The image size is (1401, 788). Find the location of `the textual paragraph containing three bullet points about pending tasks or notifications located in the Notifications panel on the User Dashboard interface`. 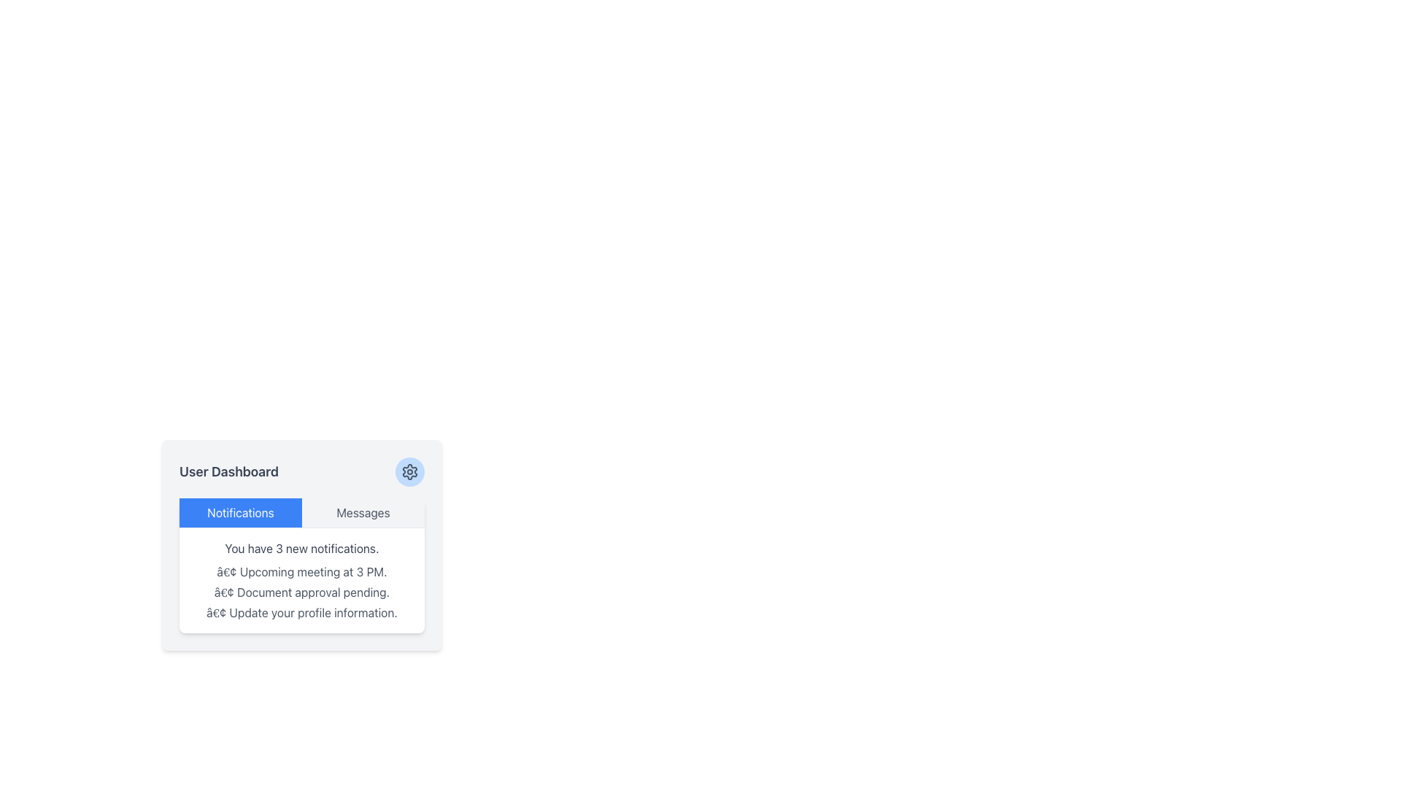

the textual paragraph containing three bullet points about pending tasks or notifications located in the Notifications panel on the User Dashboard interface is located at coordinates (301, 592).